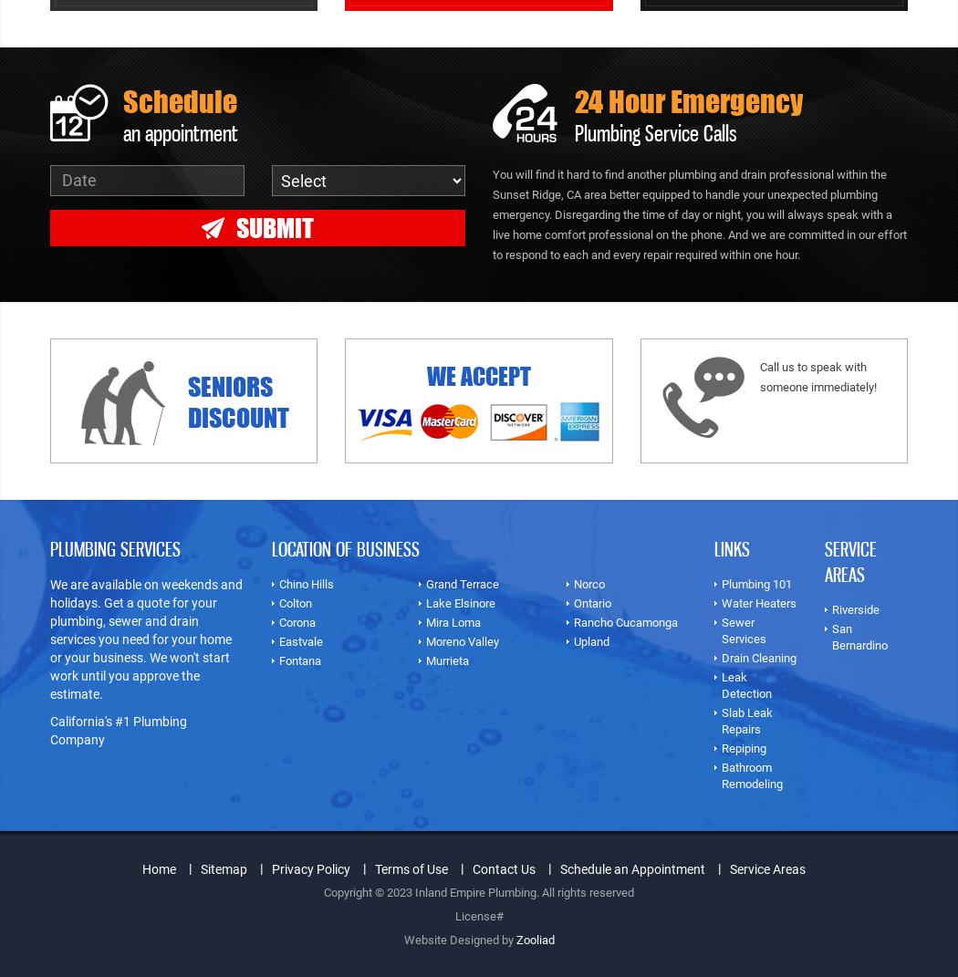  I want to click on 'Plumbing Service Calls', so click(655, 131).